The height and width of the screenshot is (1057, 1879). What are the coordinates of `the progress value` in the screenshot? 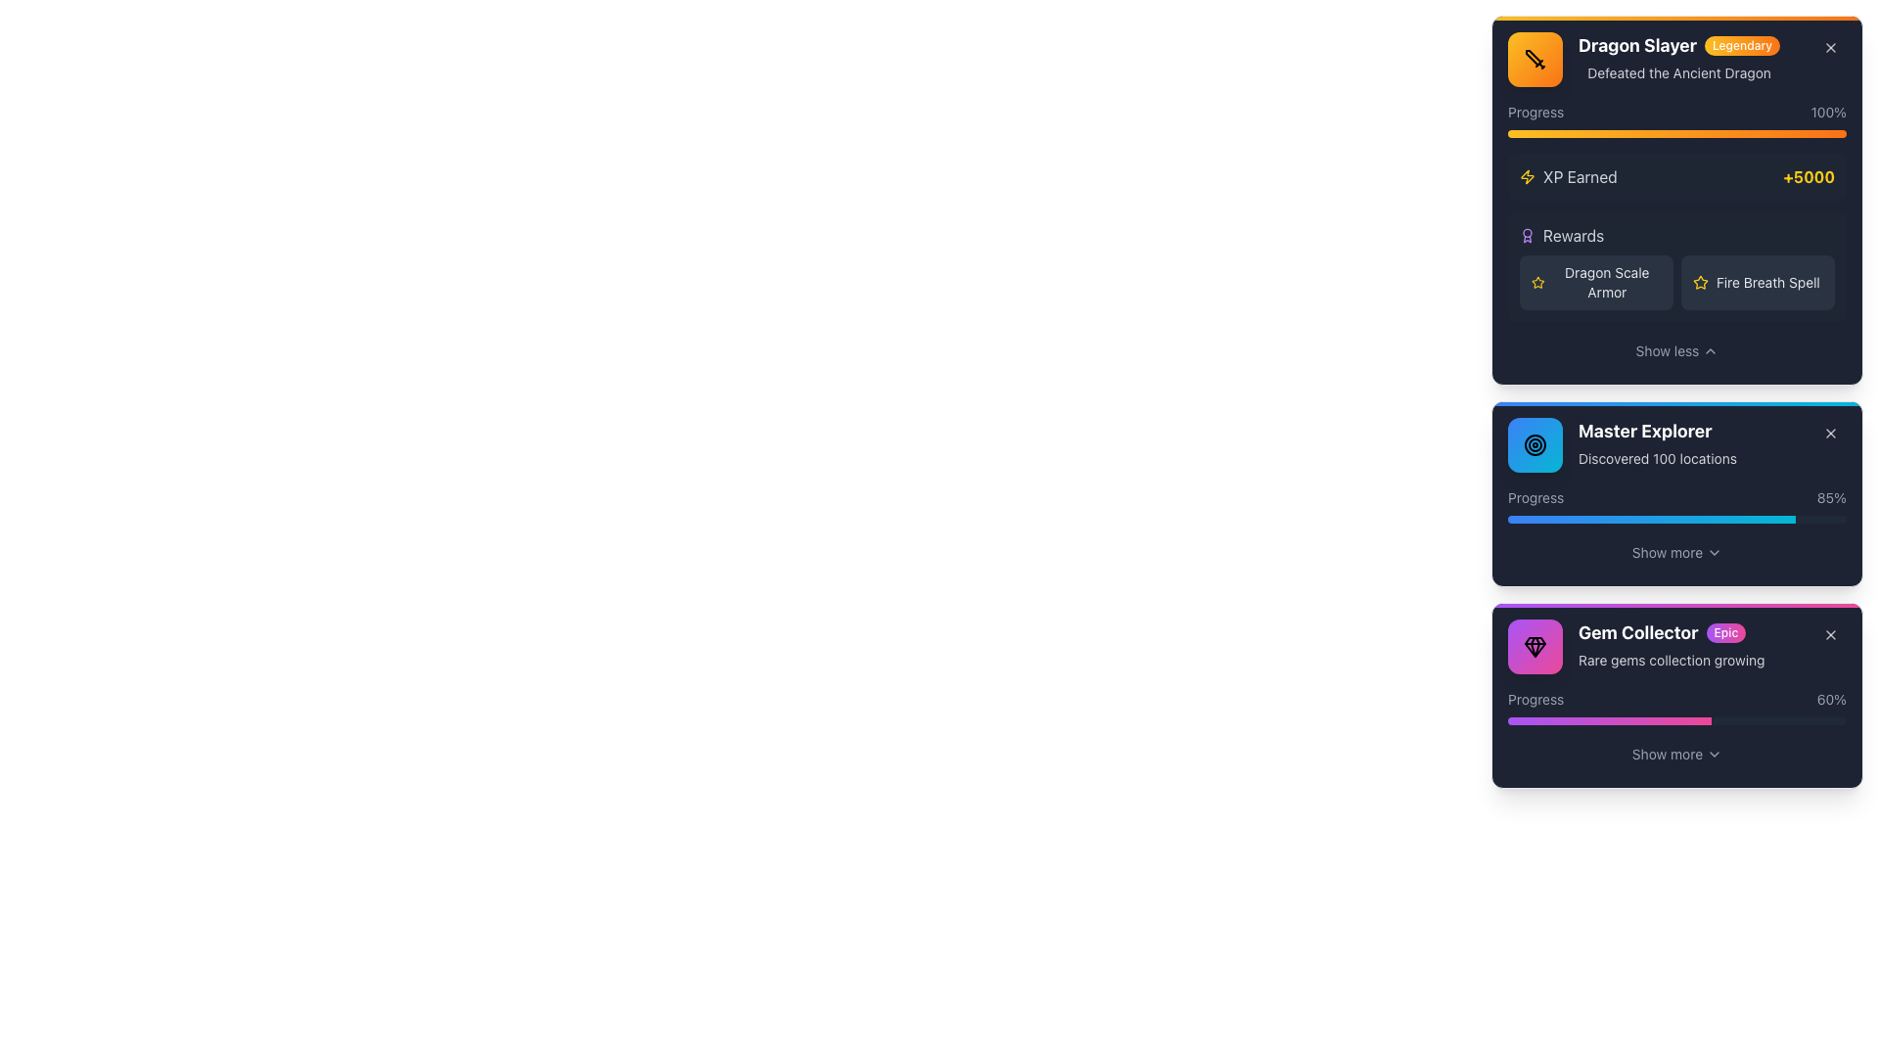 It's located at (1693, 720).